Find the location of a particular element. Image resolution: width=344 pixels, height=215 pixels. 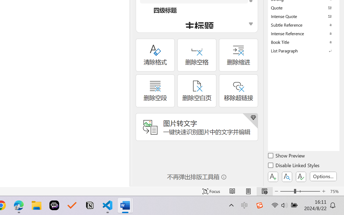

'Subtle Reference' is located at coordinates (304, 25).